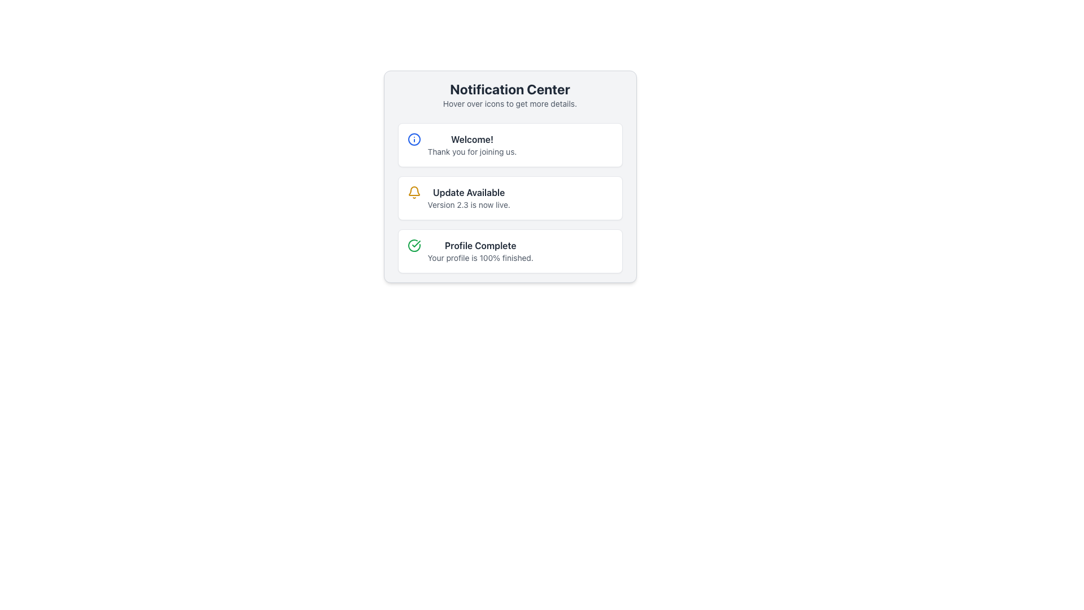  I want to click on the text label displaying 'Welcome!' in a bold, dark gray font within the notification panel, which is positioned at the top-left corner above the text 'Thank you for joining us.', so click(472, 138).